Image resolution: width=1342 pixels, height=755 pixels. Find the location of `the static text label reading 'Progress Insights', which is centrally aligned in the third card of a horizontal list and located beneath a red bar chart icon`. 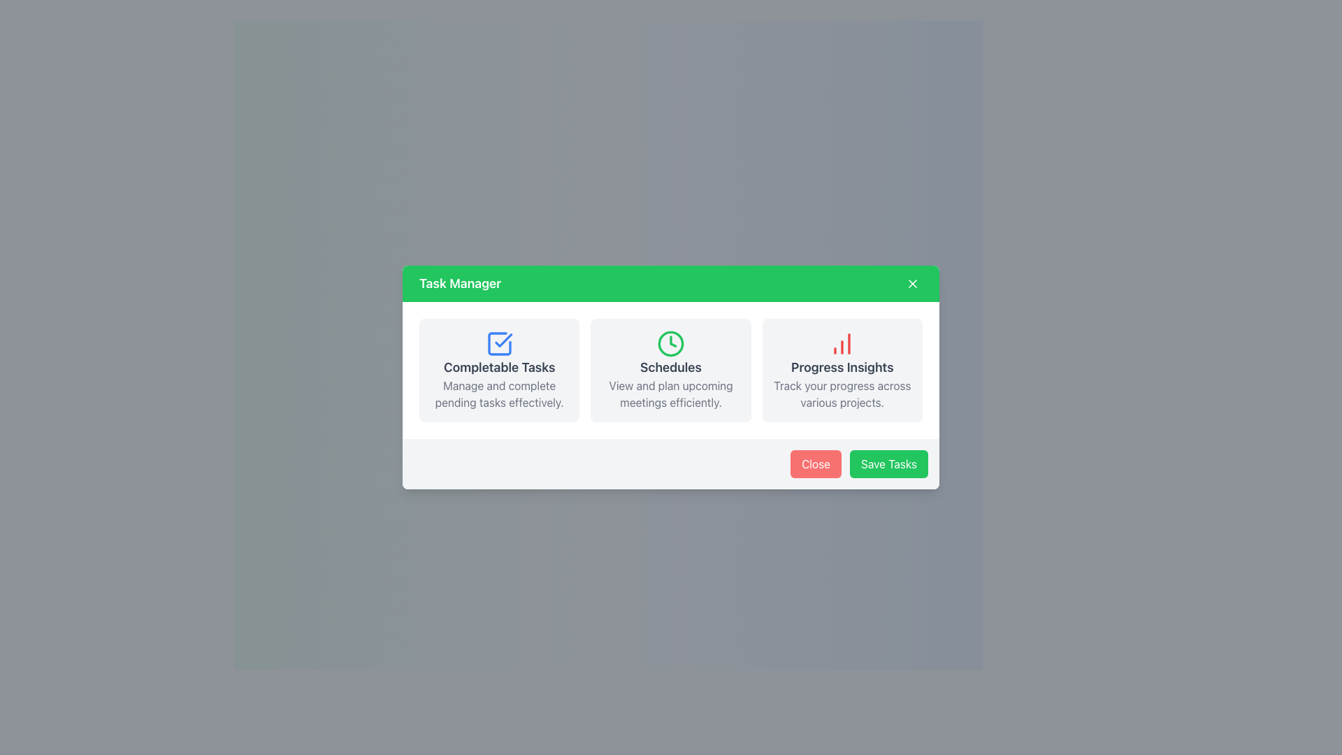

the static text label reading 'Progress Insights', which is centrally aligned in the third card of a horizontal list and located beneath a red bar chart icon is located at coordinates (842, 366).